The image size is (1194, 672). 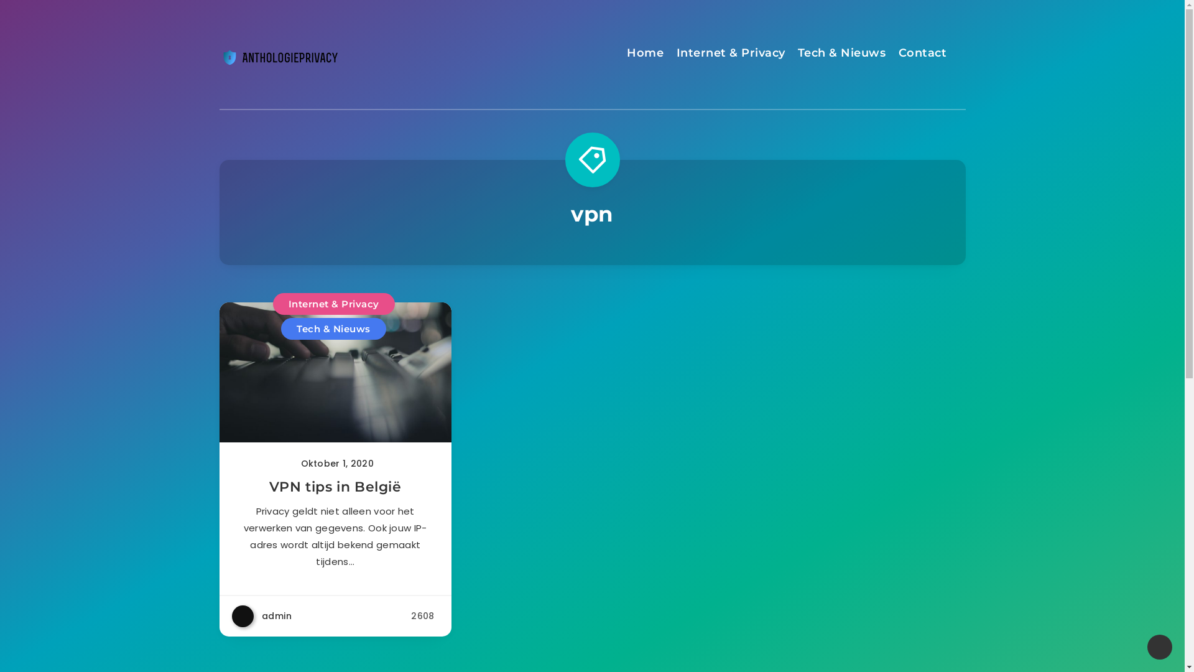 What do you see at coordinates (841, 54) in the screenshot?
I see `'Tech & Nieuws'` at bounding box center [841, 54].